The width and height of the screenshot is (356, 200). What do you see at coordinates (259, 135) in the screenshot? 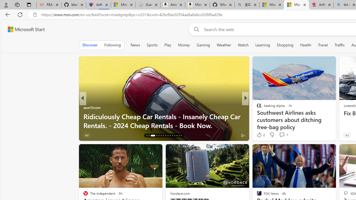
I see `'22 Like'` at bounding box center [259, 135].